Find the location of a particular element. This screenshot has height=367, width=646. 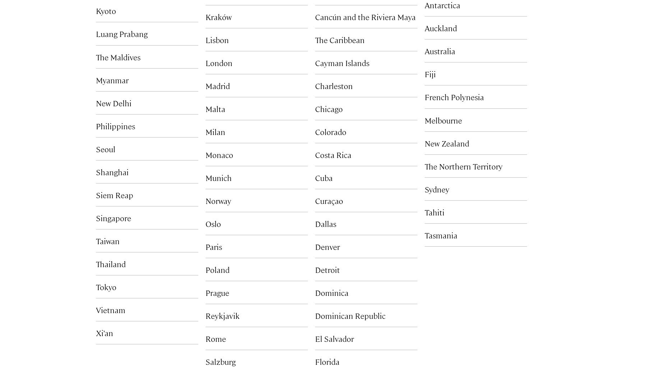

'New Delhi' is located at coordinates (113, 102).